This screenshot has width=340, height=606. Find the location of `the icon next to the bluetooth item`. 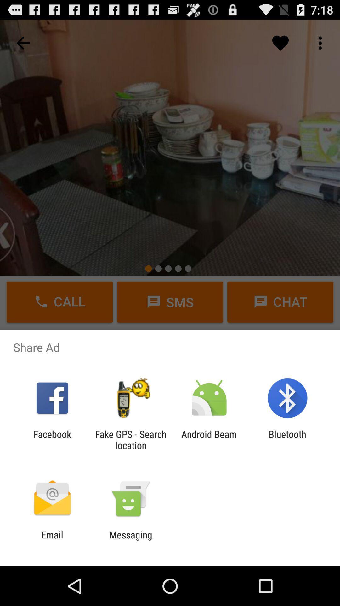

the icon next to the bluetooth item is located at coordinates (209, 439).